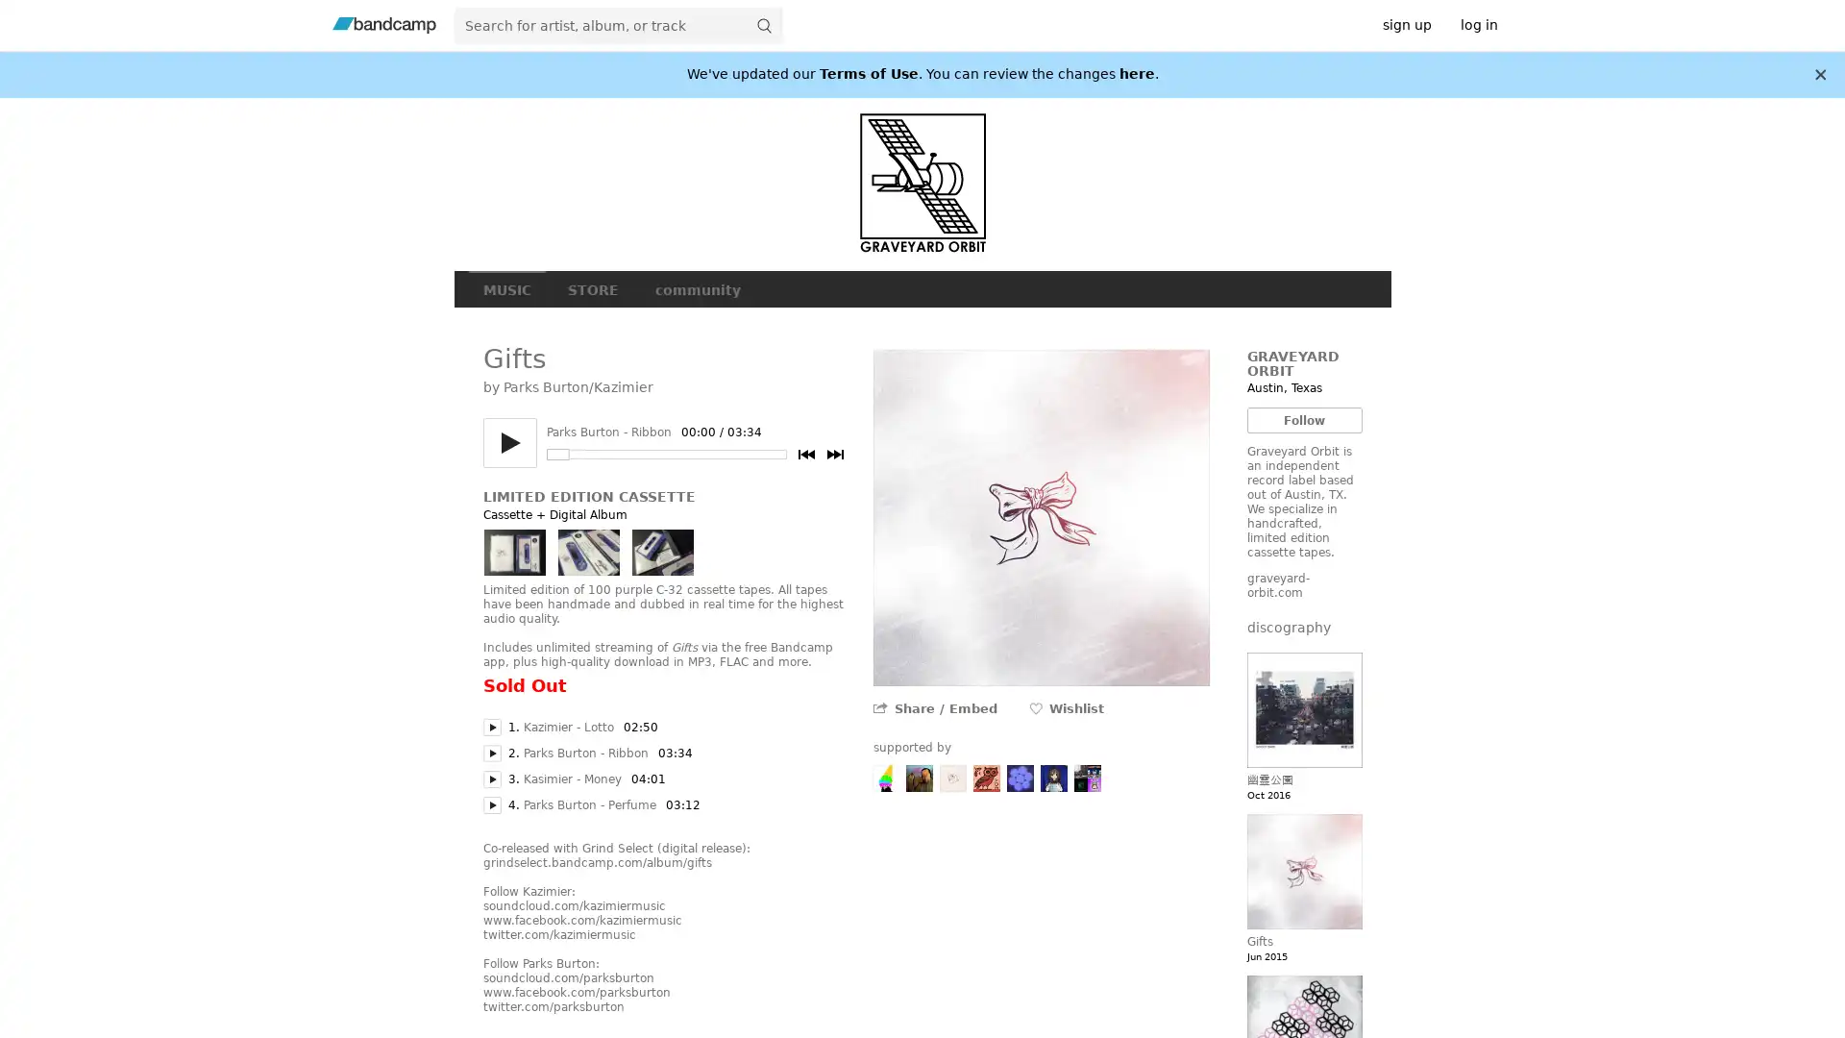 Image resolution: width=1845 pixels, height=1038 pixels. I want to click on submit for full search page, so click(763, 25).